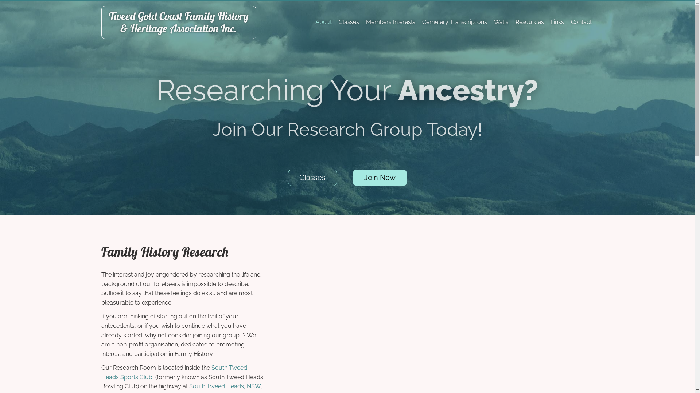 The width and height of the screenshot is (700, 393). I want to click on 'Resources', so click(530, 22).